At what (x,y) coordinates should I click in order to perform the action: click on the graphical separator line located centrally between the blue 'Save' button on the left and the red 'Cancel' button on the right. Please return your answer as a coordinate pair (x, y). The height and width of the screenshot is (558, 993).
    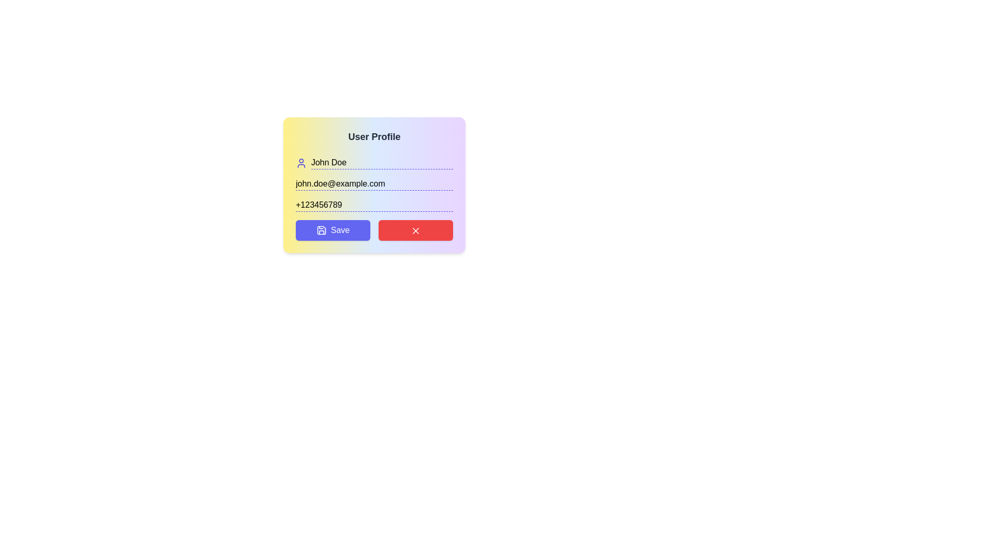
    Looking at the image, I should click on (374, 230).